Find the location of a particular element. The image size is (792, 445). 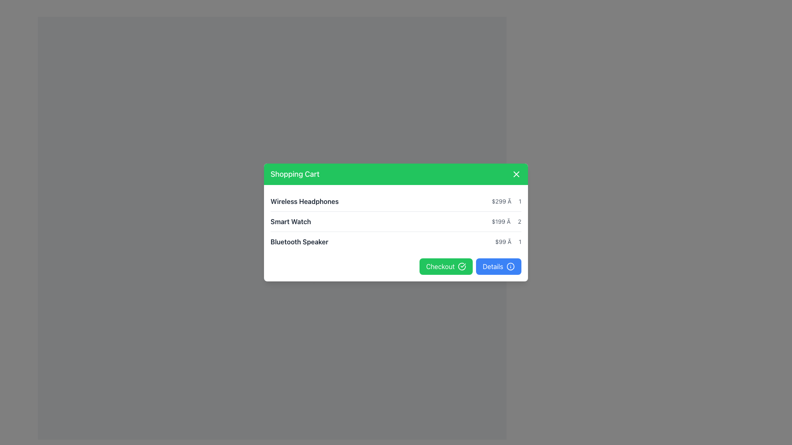

the Text Label that serves as the title of the popup window, located in the green header bar, on the left side before the close button is located at coordinates (295, 174).